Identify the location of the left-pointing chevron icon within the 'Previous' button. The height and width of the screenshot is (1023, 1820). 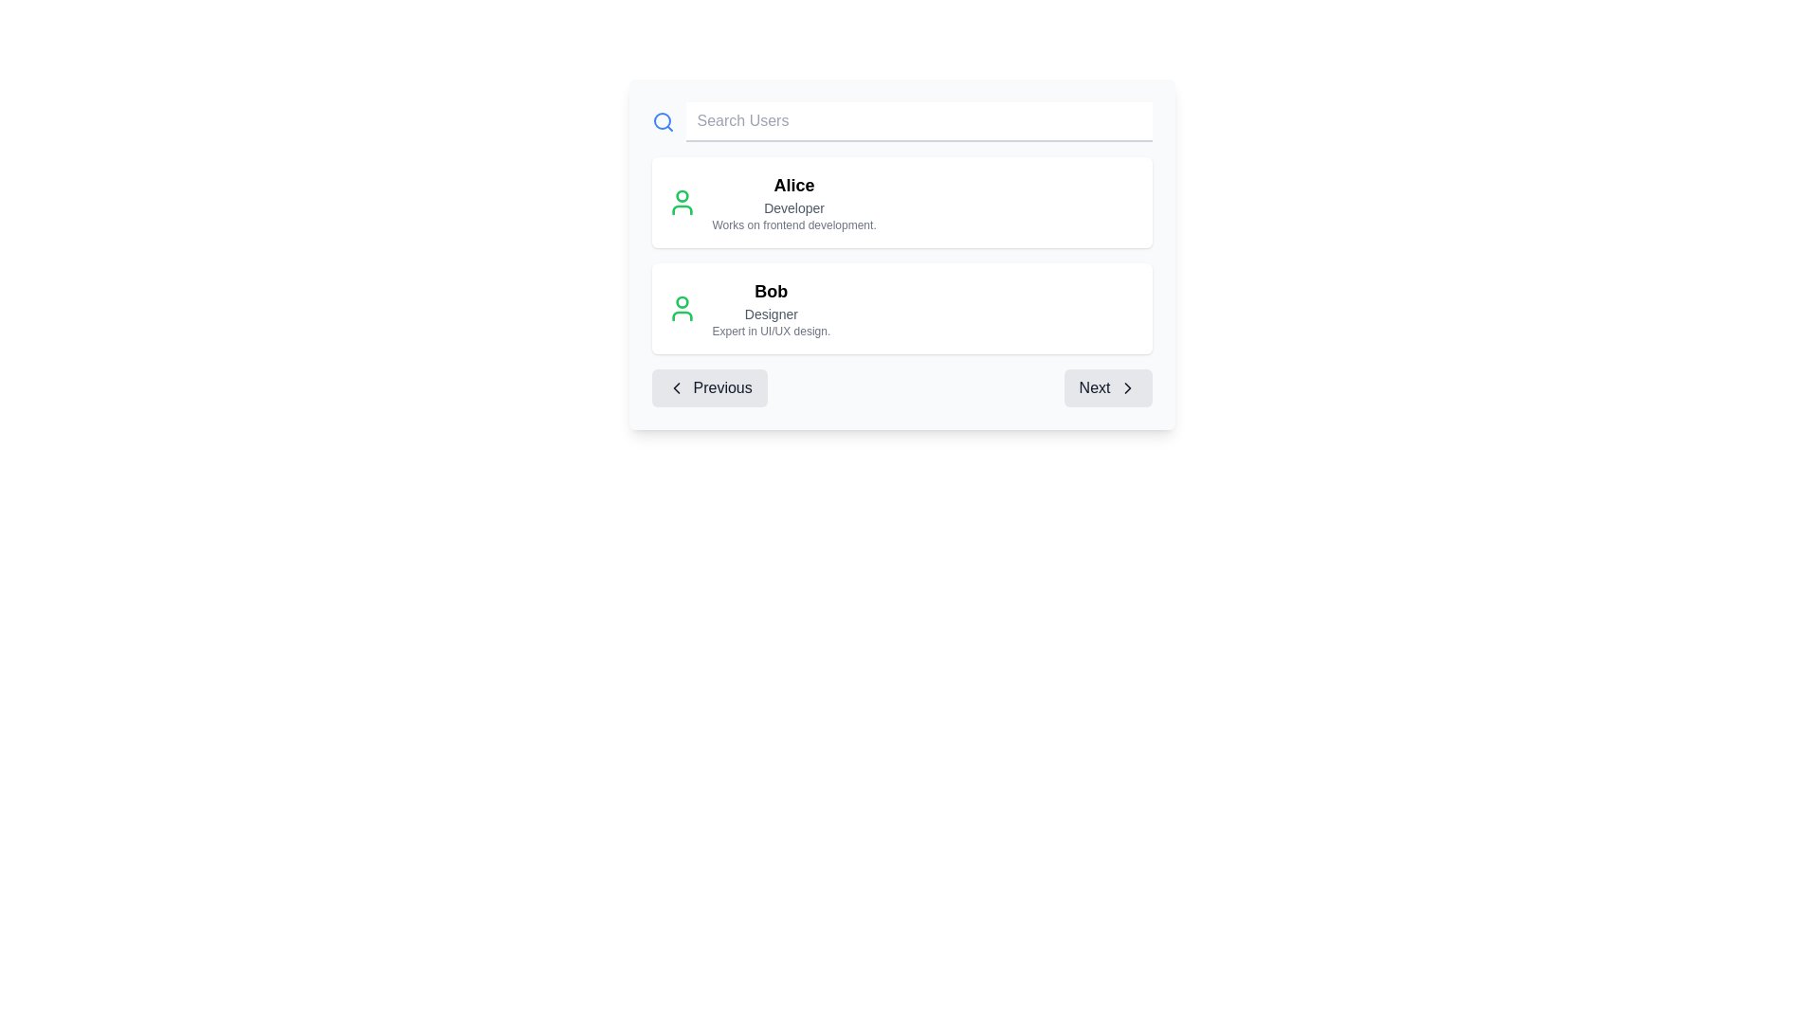
(676, 386).